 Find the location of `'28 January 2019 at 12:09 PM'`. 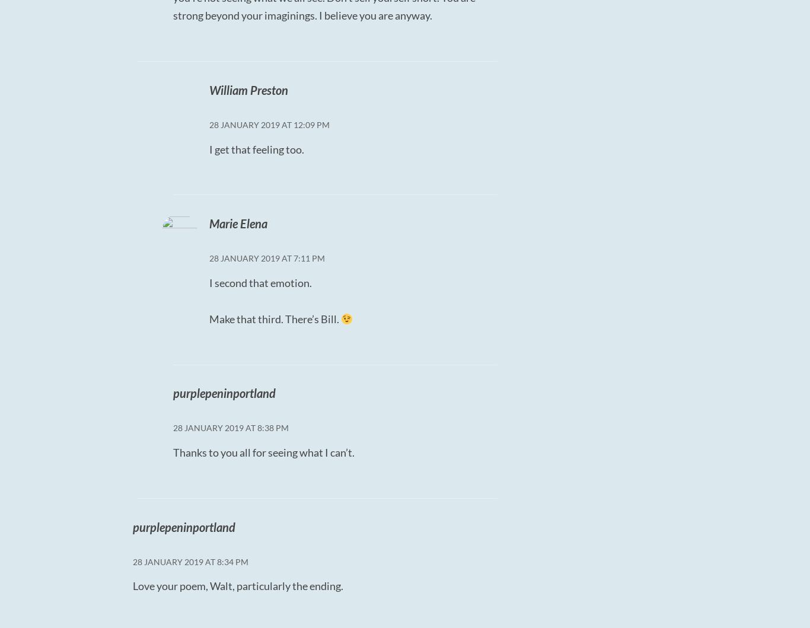

'28 January 2019 at 12:09 PM' is located at coordinates (268, 123).